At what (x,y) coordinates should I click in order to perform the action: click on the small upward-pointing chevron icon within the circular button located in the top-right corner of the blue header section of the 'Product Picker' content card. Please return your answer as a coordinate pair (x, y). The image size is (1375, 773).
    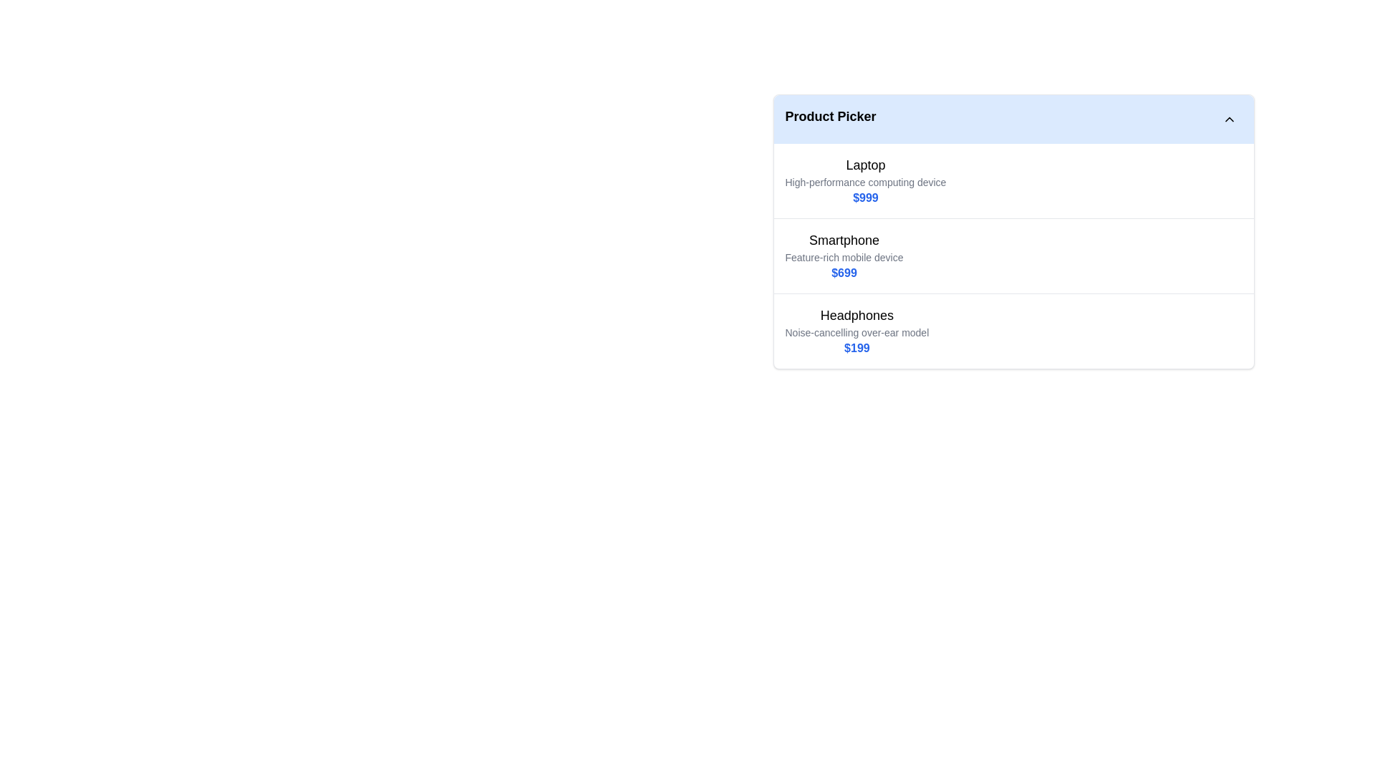
    Looking at the image, I should click on (1228, 118).